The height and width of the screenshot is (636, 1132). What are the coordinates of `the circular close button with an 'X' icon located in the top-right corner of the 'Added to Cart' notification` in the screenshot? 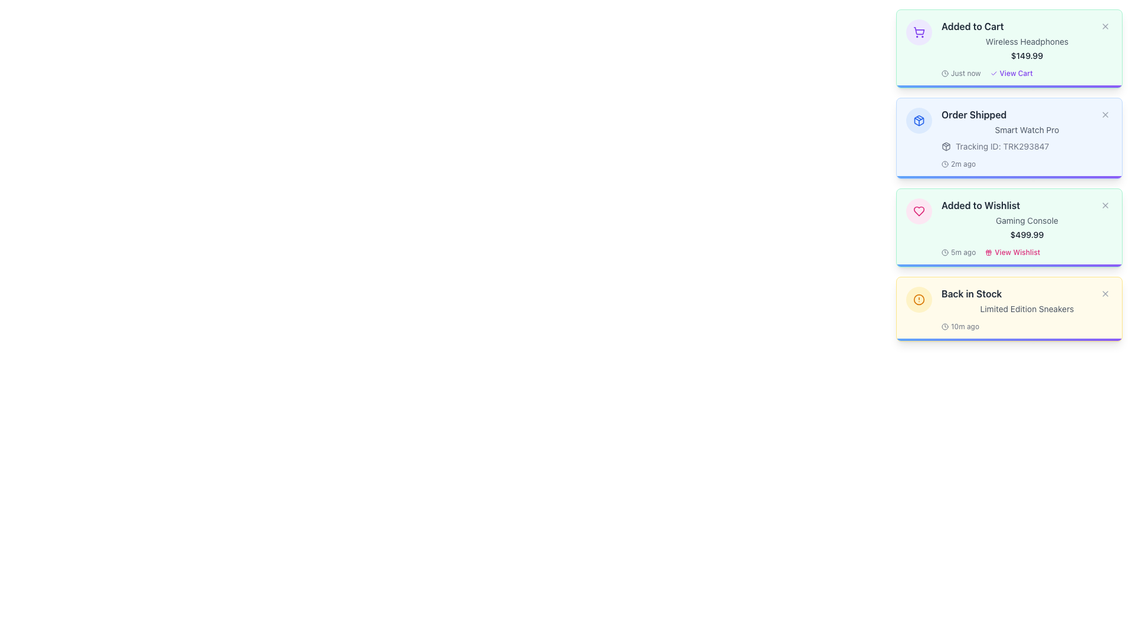 It's located at (1105, 26).